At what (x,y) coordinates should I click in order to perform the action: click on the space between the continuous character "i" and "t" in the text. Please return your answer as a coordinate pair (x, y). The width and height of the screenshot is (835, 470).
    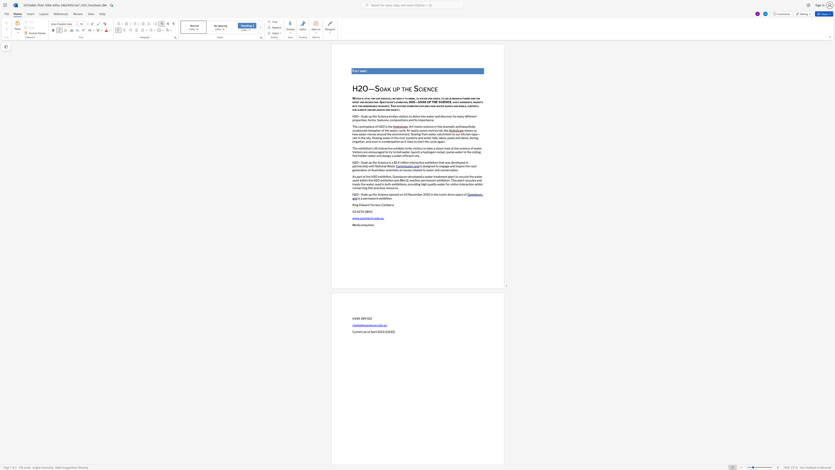
    Looking at the image, I should click on (388, 180).